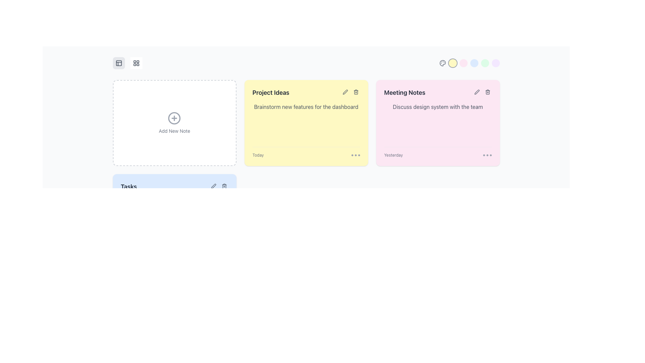 The height and width of the screenshot is (363, 645). What do you see at coordinates (482, 92) in the screenshot?
I see `the edit icon located in the upper-right corner of the 'Meeting Notes' card to modify the card content` at bounding box center [482, 92].